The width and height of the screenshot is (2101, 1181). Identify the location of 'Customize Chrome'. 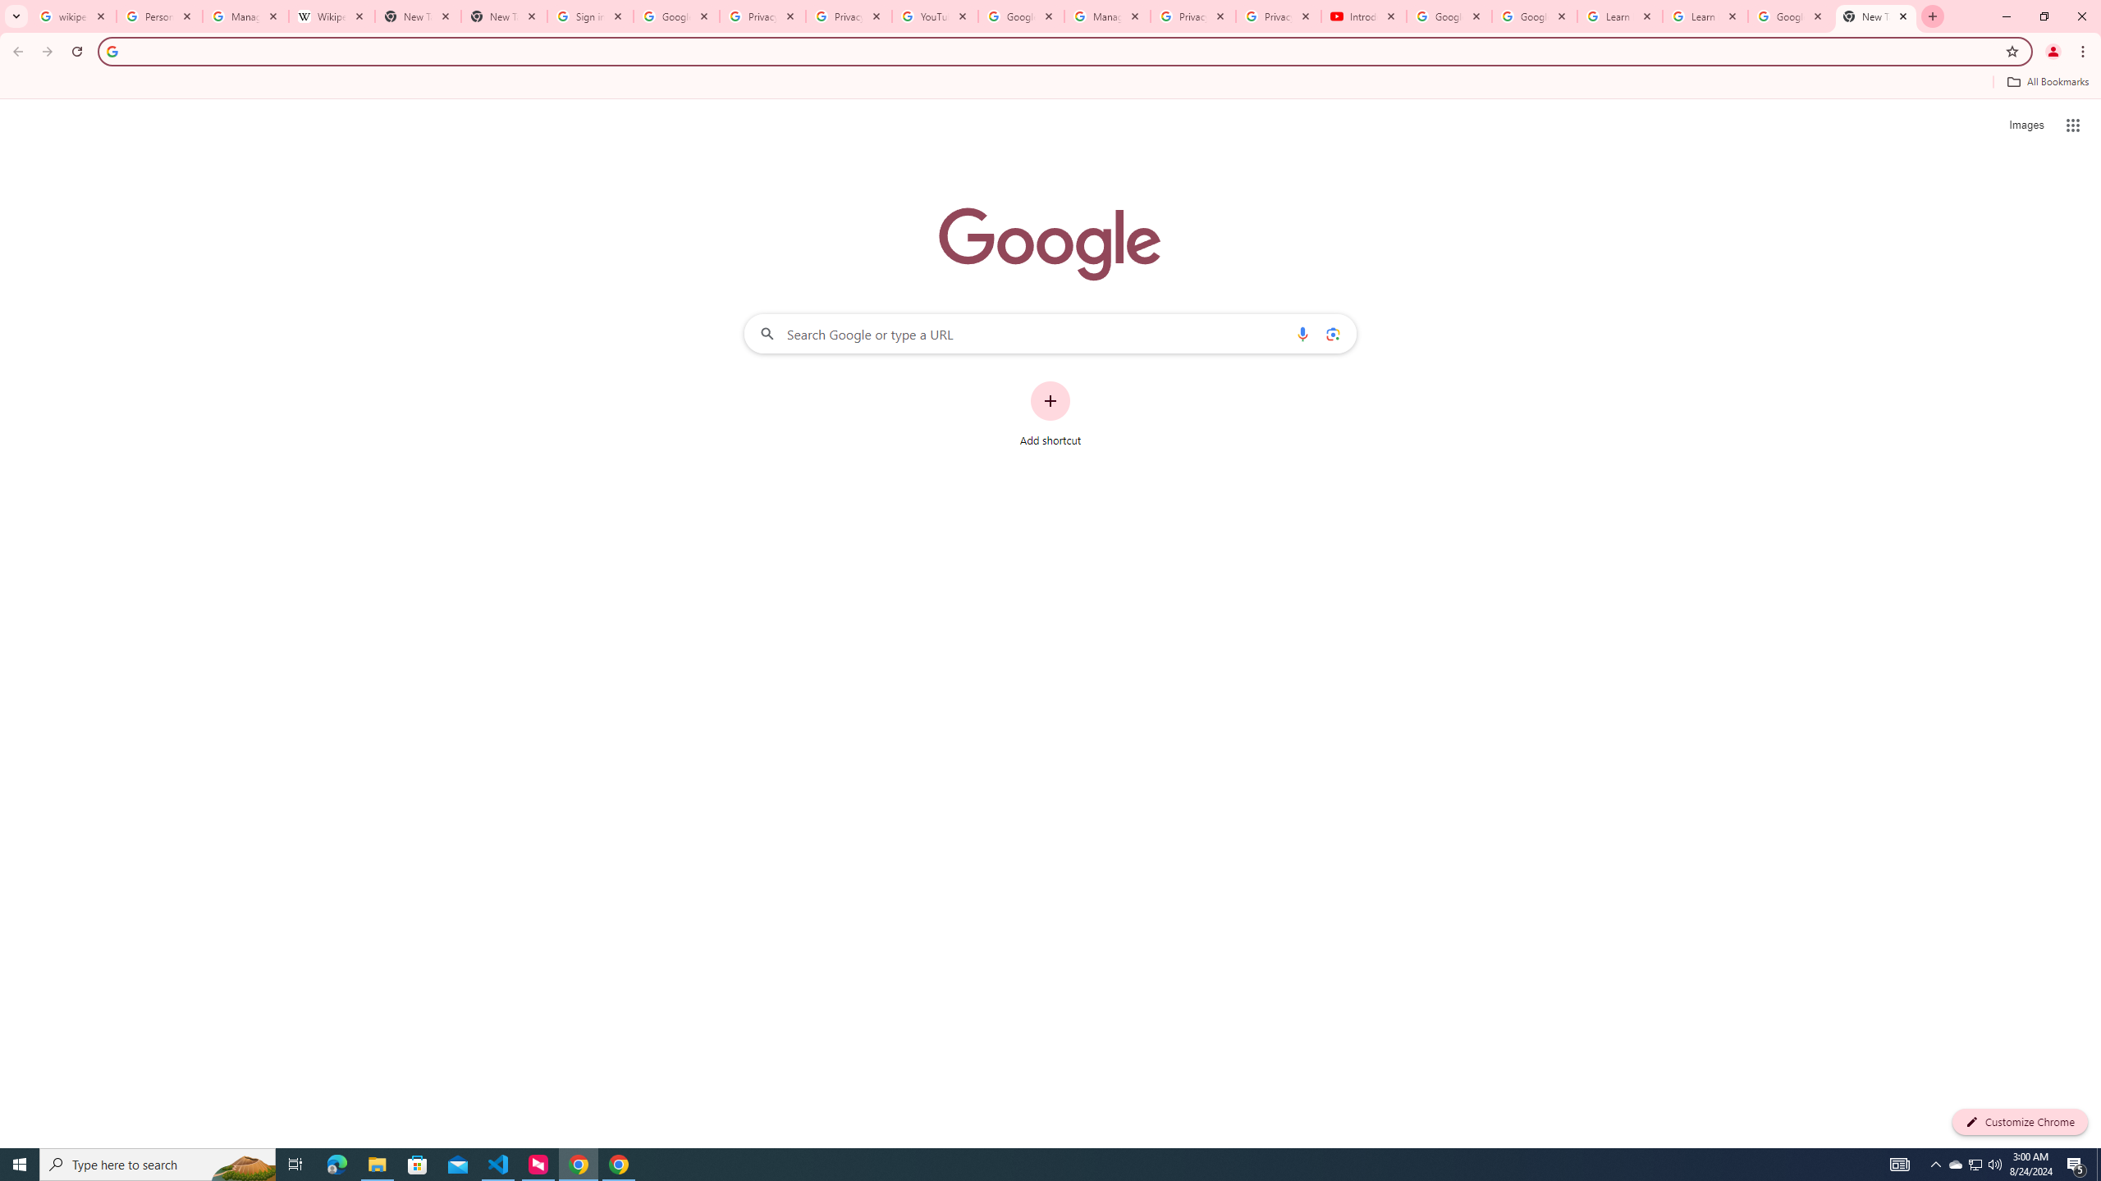
(2020, 1121).